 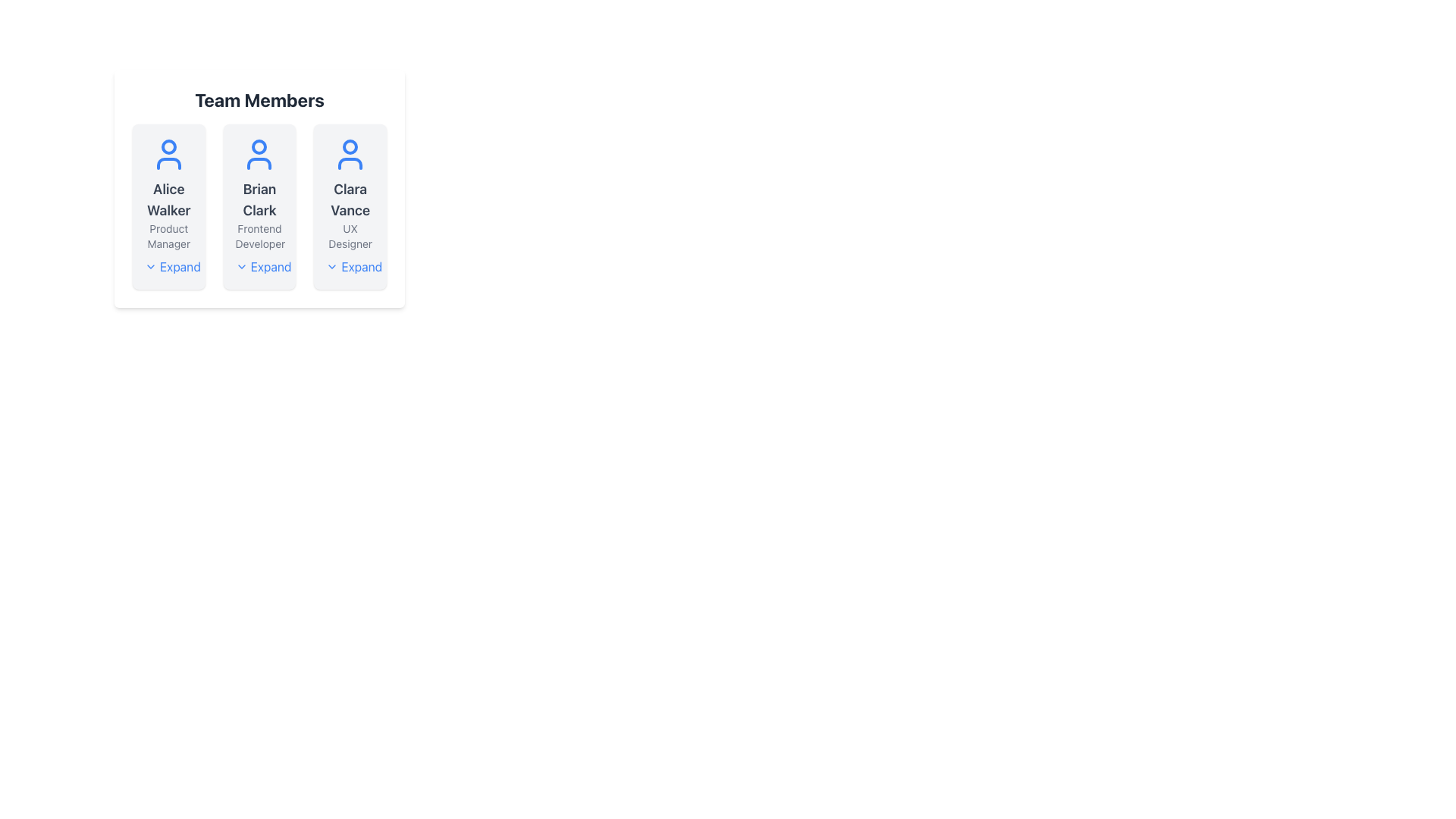 I want to click on the text element that indicates the name 'Brian Clark' within the profile card, located above 'Frontend Developer' and below the user icon, so click(x=259, y=199).